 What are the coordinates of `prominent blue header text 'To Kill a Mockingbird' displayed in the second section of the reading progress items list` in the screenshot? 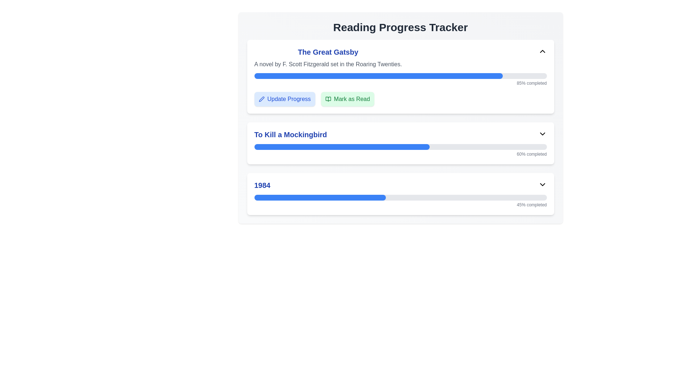 It's located at (290, 134).